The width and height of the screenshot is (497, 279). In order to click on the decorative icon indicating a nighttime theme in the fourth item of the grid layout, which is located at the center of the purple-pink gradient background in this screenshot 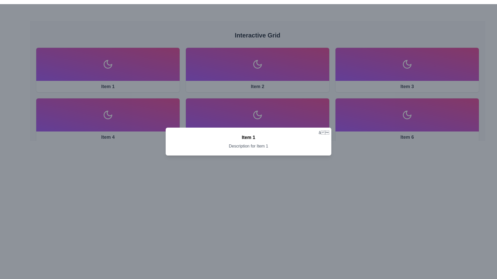, I will do `click(108, 114)`.